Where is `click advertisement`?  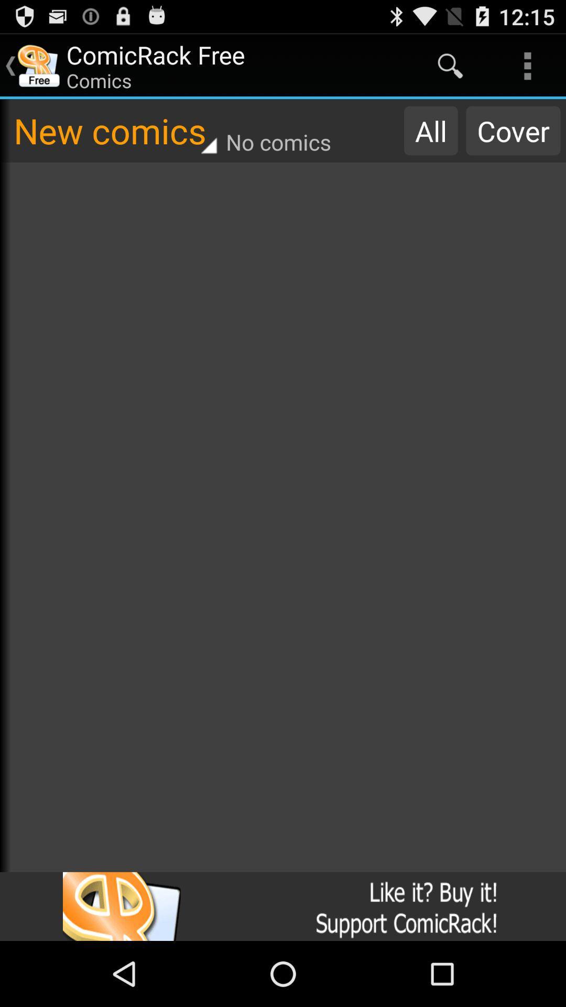 click advertisement is located at coordinates (283, 906).